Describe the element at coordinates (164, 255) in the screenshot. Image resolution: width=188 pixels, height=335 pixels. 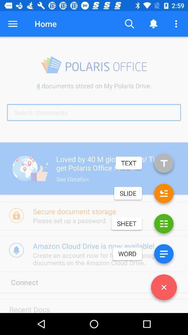
I see `press for word` at that location.